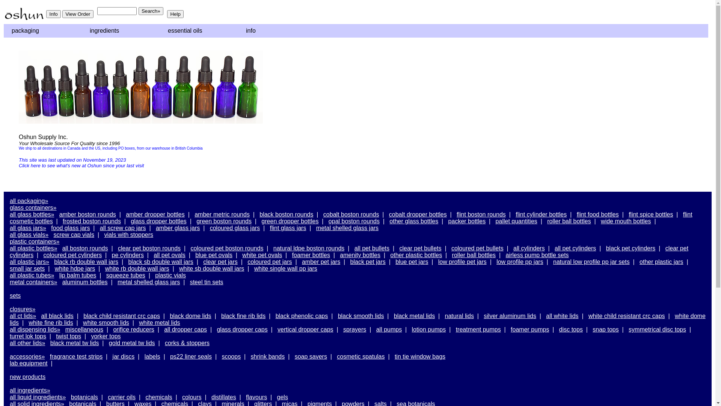 This screenshot has width=721, height=406. What do you see at coordinates (182, 397) in the screenshot?
I see `'colours'` at bounding box center [182, 397].